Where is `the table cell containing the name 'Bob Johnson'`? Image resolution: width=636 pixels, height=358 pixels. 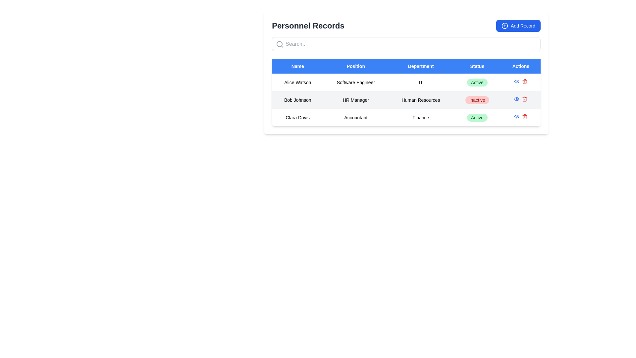
the table cell containing the name 'Bob Johnson' is located at coordinates (297, 100).